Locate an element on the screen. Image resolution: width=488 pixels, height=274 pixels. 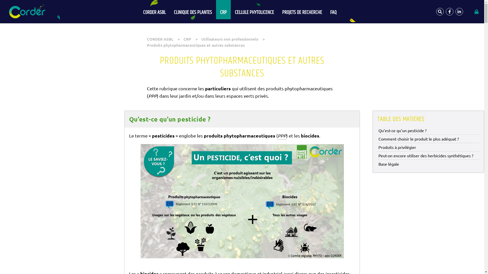
'CLINIQUE DES PLANTES' is located at coordinates (170, 10).